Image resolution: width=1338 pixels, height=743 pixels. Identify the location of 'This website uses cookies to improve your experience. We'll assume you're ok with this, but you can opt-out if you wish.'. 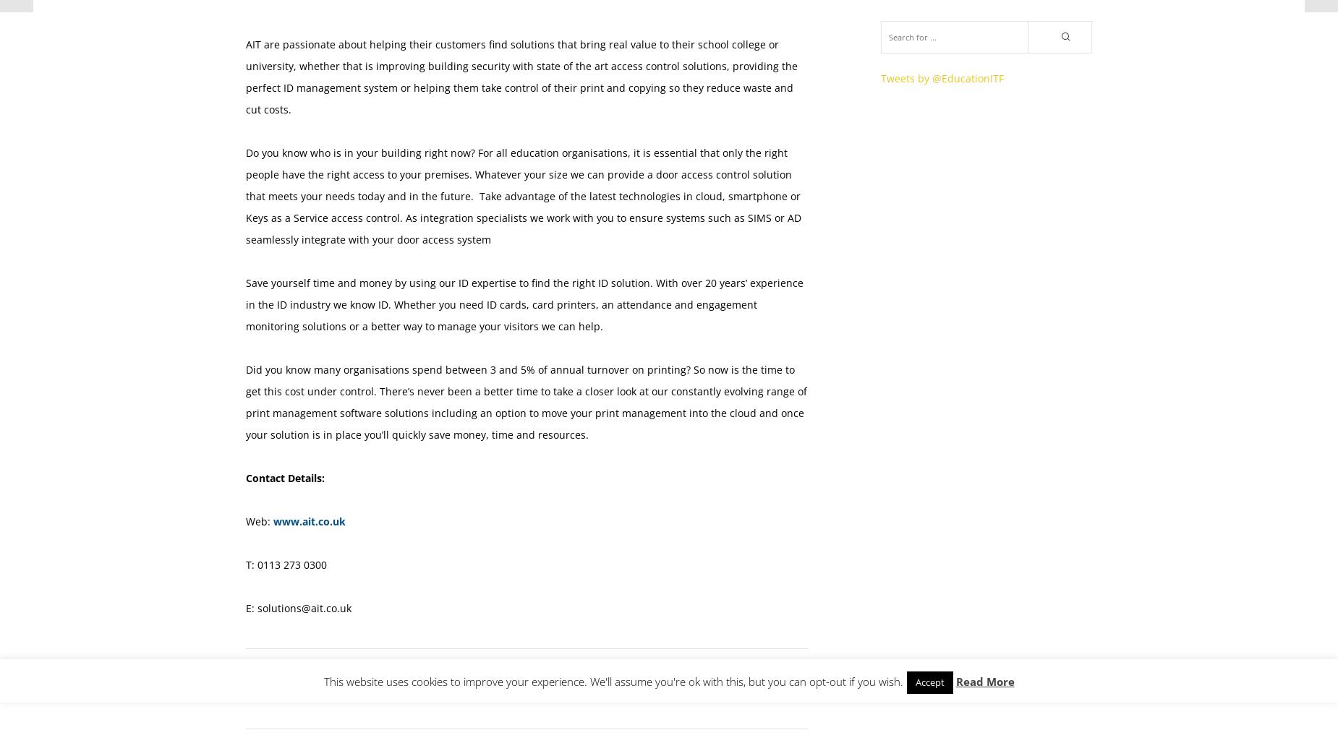
(322, 681).